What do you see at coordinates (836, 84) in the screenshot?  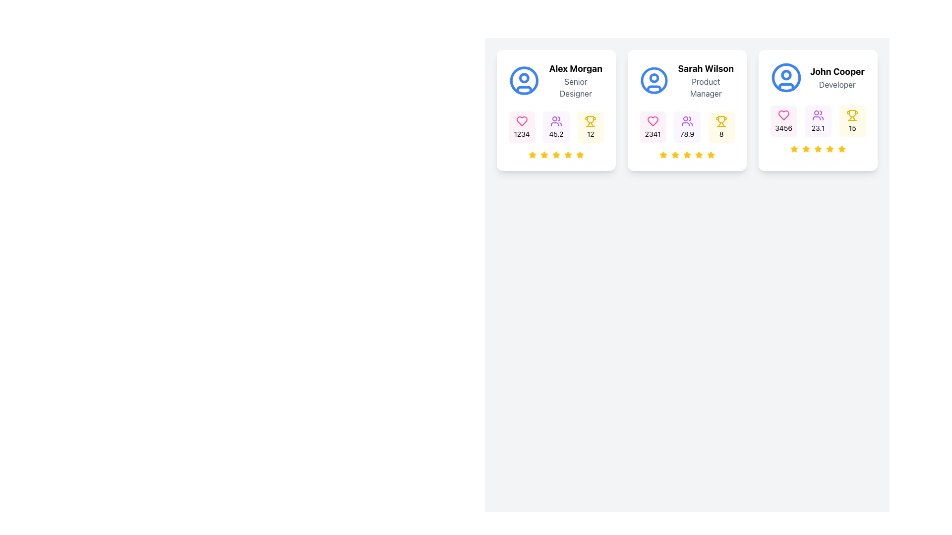 I see `the 'Developer' text label, which is styled in gray and positioned below the 'John Cooper' text in the last card on the rightmost side of a horizontal group of cards` at bounding box center [836, 84].